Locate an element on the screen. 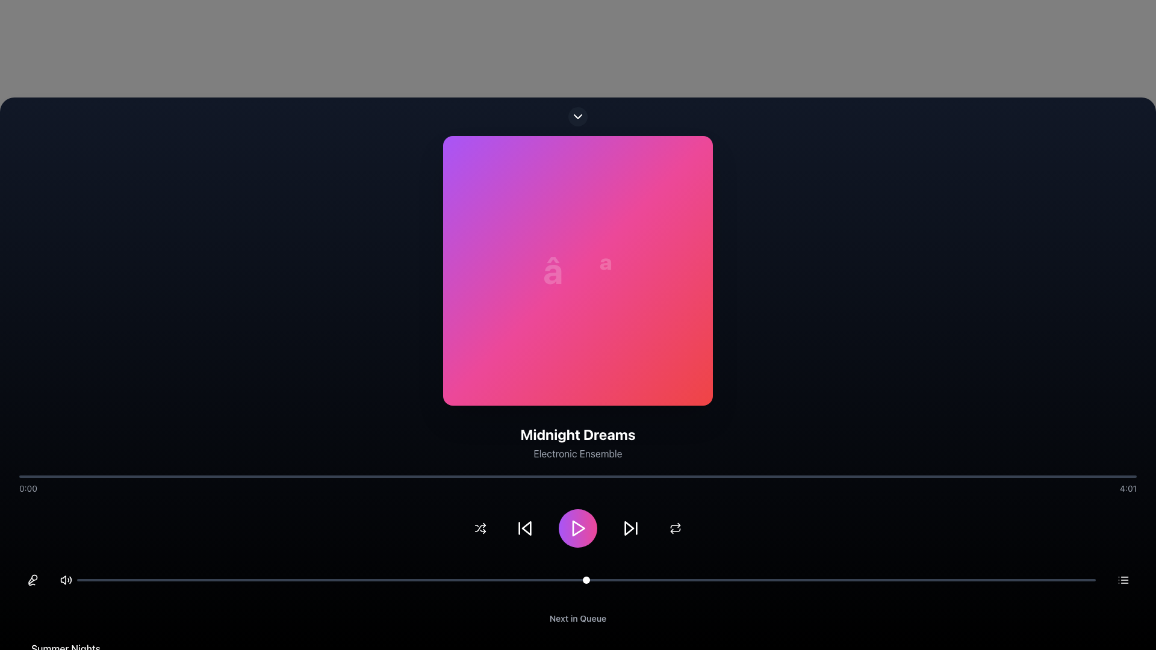 Image resolution: width=1156 pixels, height=650 pixels. the text label indicating the queue of upcoming items, which is positioned at the bottom of the interface below the playback controls is located at coordinates (578, 619).